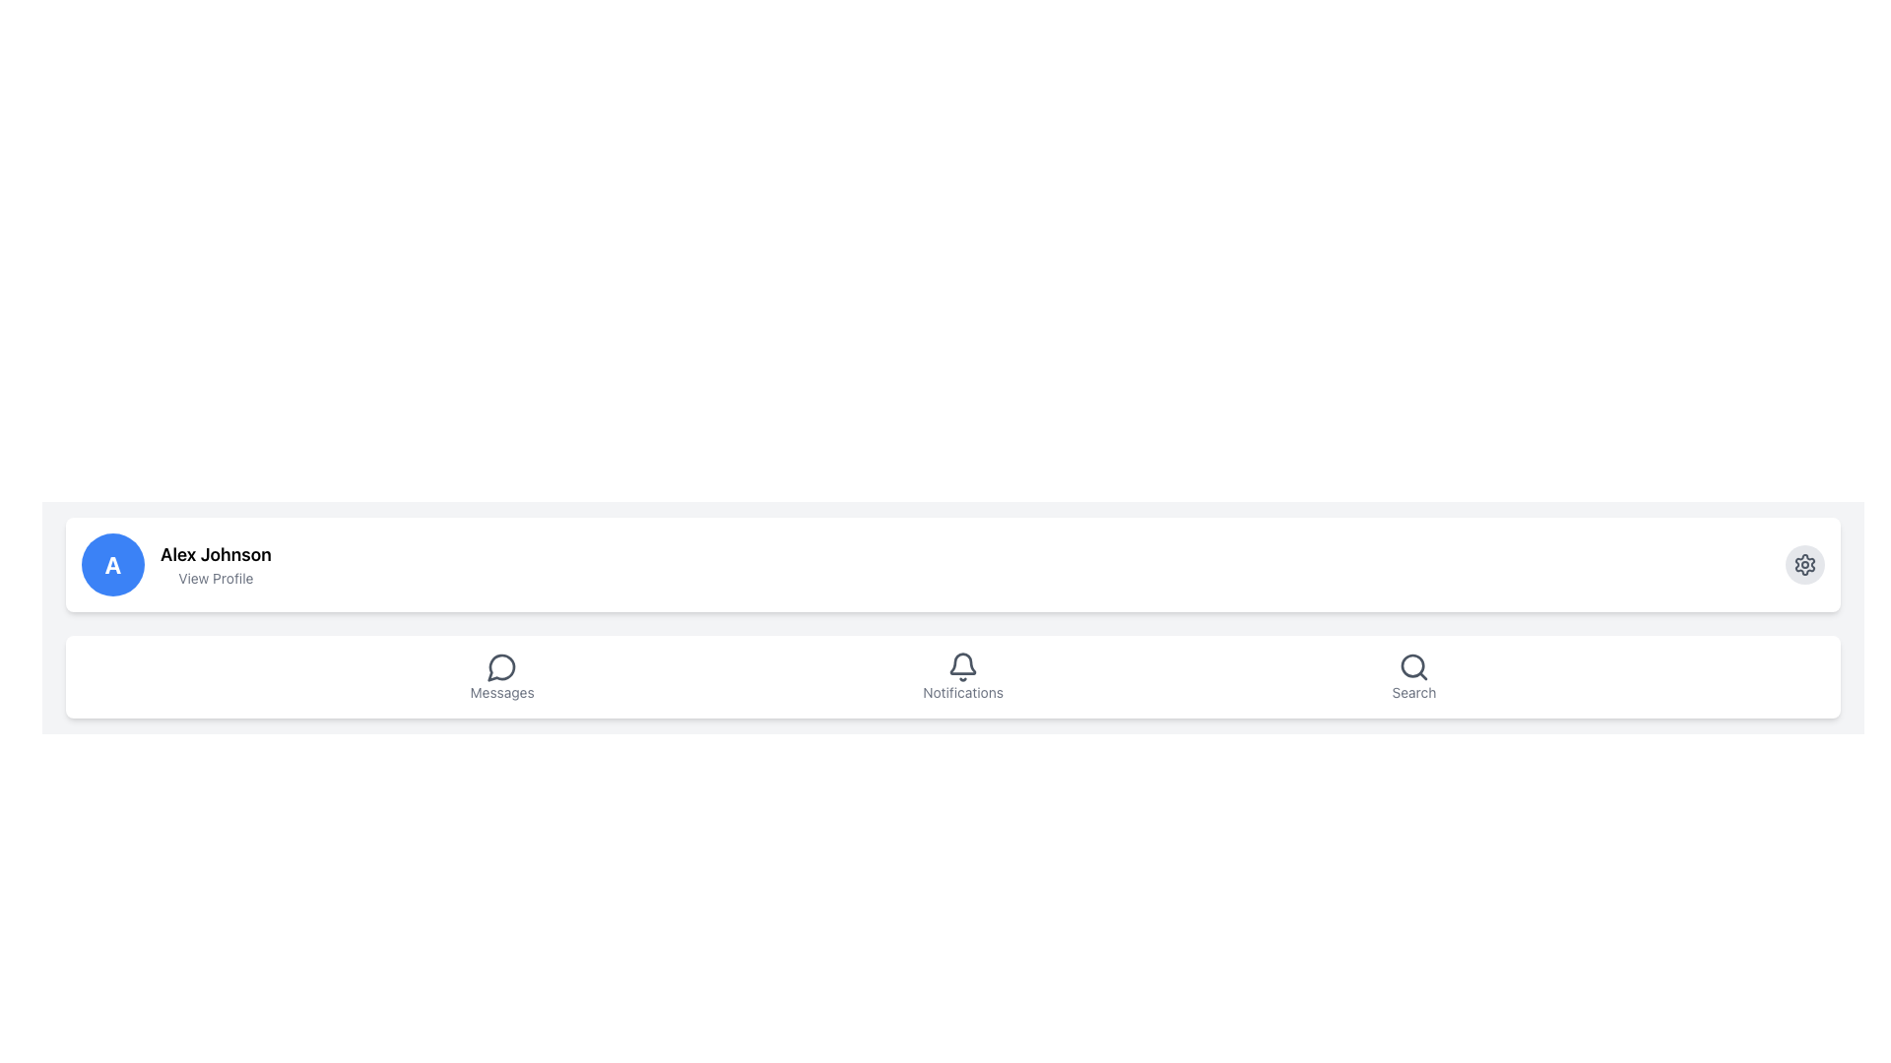  Describe the element at coordinates (502, 666) in the screenshot. I see `the messaging icon located in the second position of the horizontal navigation bar, directly above the 'Messages' text label` at that location.